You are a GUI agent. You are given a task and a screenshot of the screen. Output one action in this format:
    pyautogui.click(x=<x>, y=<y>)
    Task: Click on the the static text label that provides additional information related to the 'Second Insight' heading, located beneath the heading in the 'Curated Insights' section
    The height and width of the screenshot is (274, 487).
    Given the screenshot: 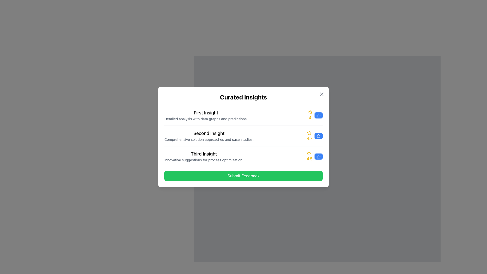 What is the action you would take?
    pyautogui.click(x=209, y=140)
    